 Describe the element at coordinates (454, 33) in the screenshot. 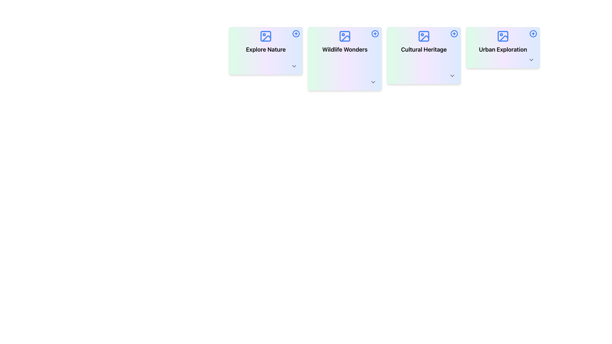

I see `the blue circular button with a plus sign at its center located at the top right corner of the 'Cultural Heritage' card to interact with it` at that location.